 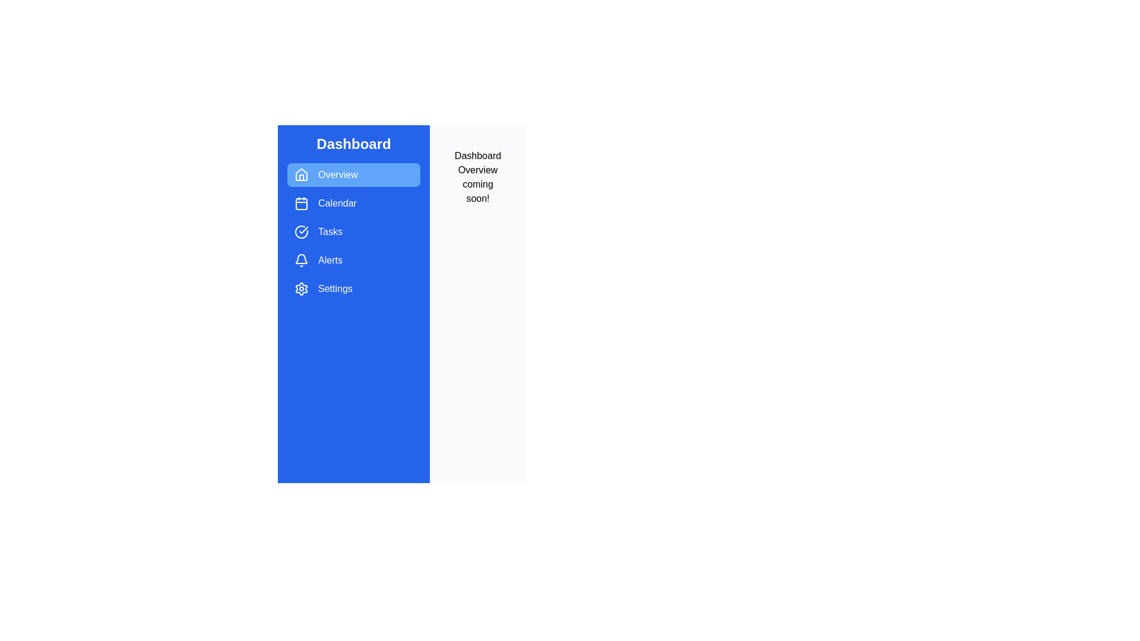 I want to click on the home/dashboard icon associated with the 'Overview' button in the sidebar menu, so click(x=302, y=174).